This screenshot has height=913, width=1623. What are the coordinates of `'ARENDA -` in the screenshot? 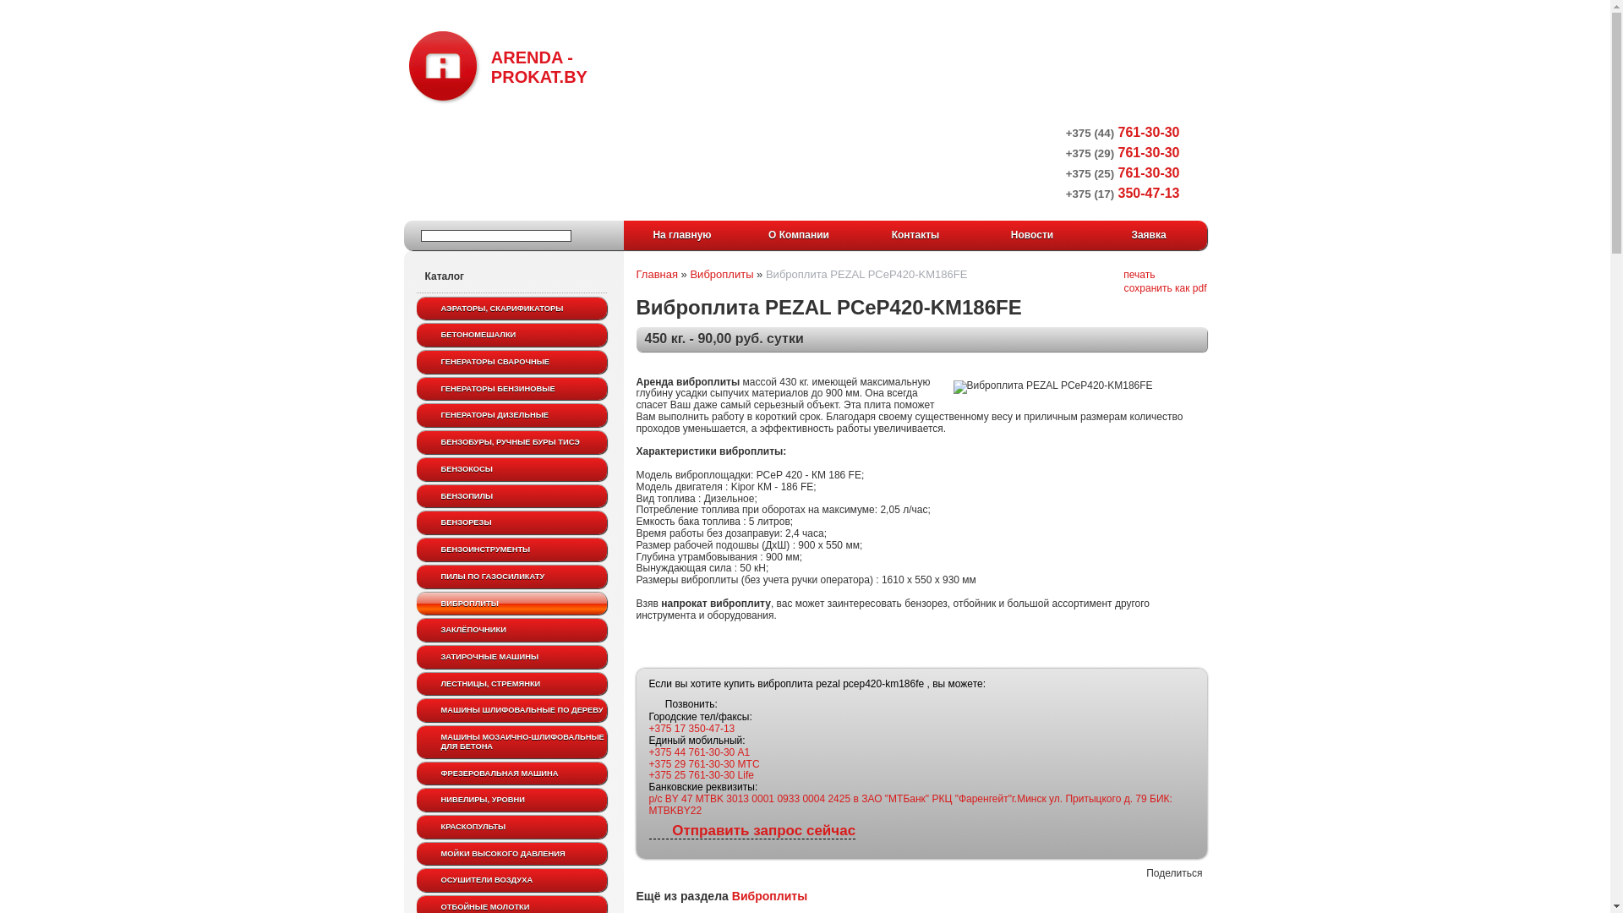 It's located at (496, 65).